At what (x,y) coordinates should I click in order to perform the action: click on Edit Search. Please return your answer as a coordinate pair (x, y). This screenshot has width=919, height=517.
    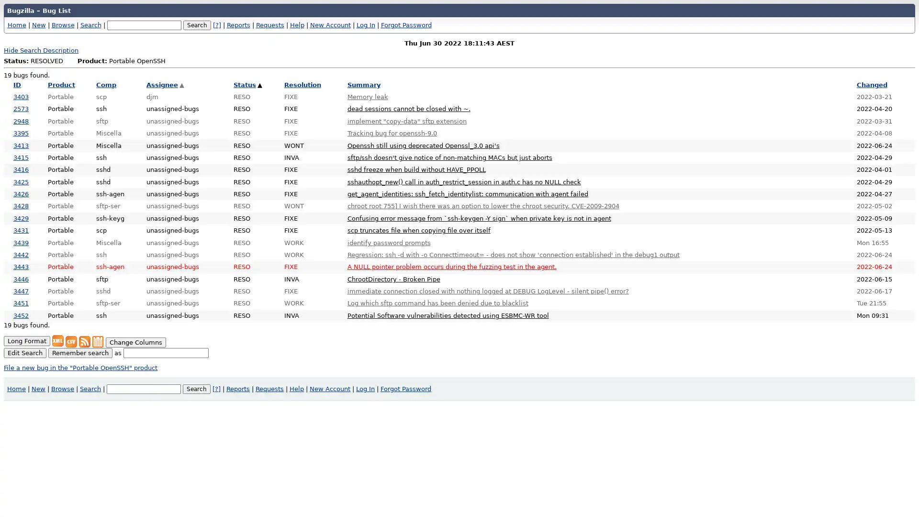
    Looking at the image, I should click on (25, 353).